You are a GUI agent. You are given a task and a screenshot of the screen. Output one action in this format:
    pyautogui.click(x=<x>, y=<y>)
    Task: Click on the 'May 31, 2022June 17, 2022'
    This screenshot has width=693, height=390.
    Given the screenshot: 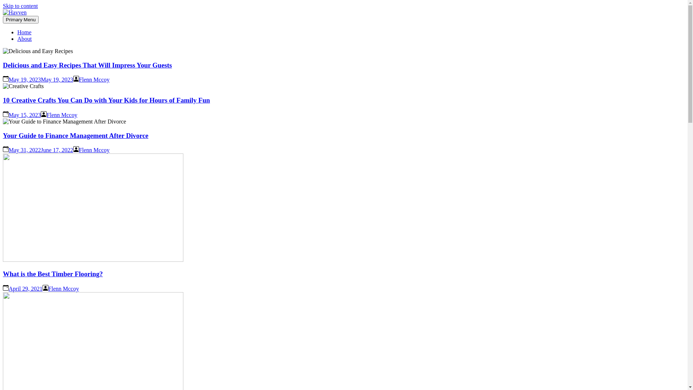 What is the action you would take?
    pyautogui.click(x=40, y=149)
    